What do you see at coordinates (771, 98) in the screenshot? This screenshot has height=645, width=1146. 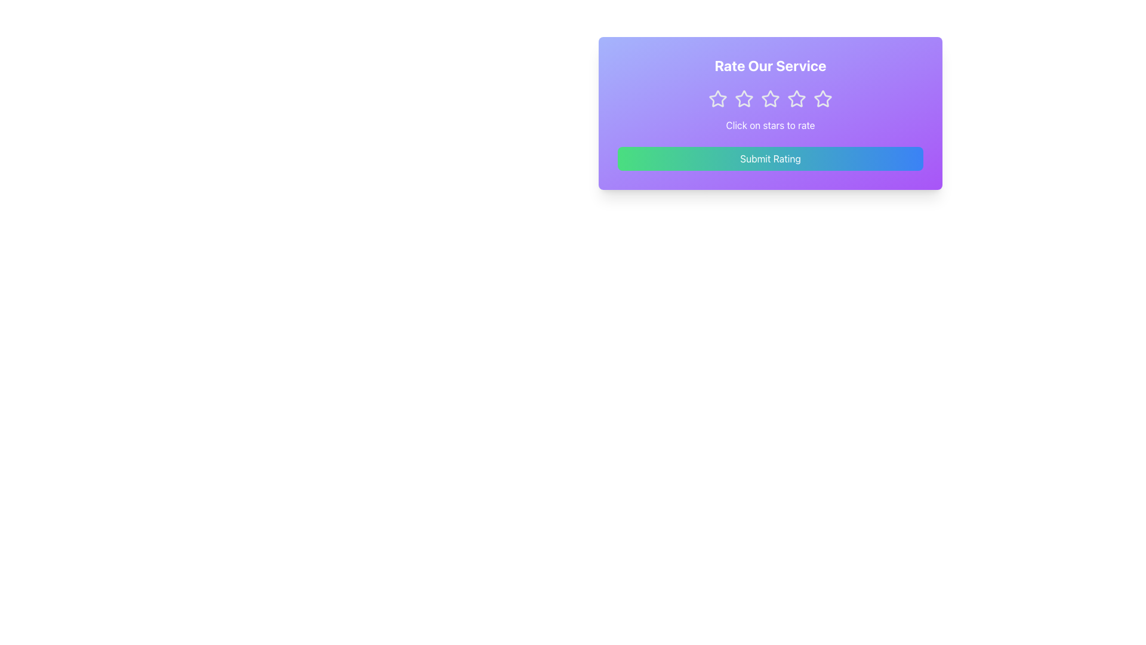 I see `the interactive star icons in the Rating Component` at bounding box center [771, 98].